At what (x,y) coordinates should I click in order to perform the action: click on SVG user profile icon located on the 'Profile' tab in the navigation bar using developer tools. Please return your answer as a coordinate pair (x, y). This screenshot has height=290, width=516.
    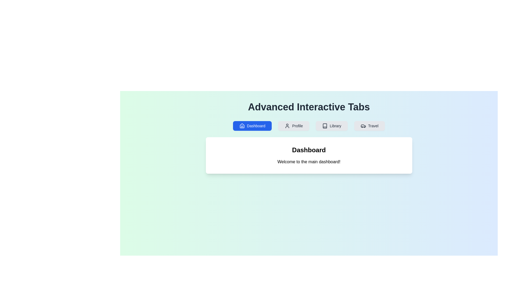
    Looking at the image, I should click on (287, 126).